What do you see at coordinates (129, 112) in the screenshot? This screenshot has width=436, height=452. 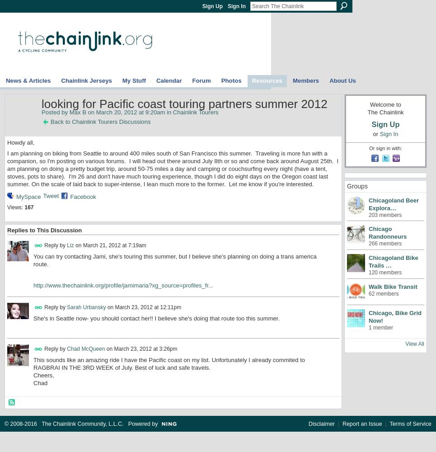 I see `'on March 20, 2012 at 9:20am in'` at bounding box center [129, 112].